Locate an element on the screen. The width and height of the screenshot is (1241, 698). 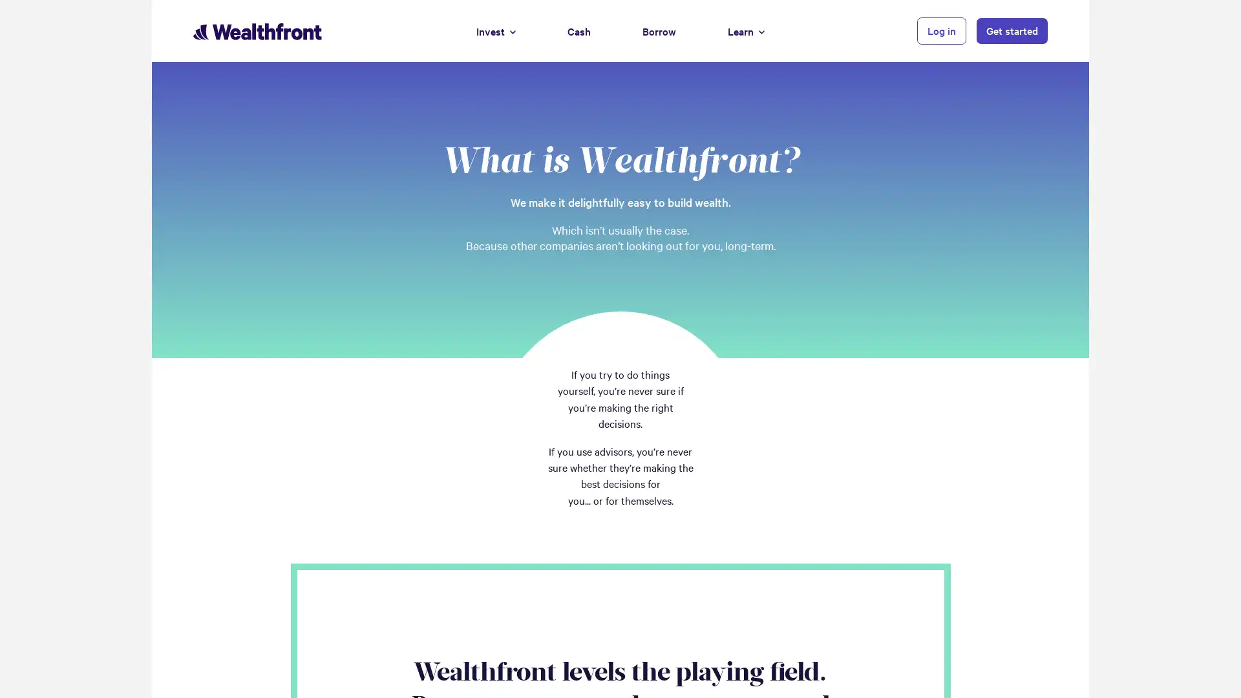
Learn is located at coordinates (746, 30).